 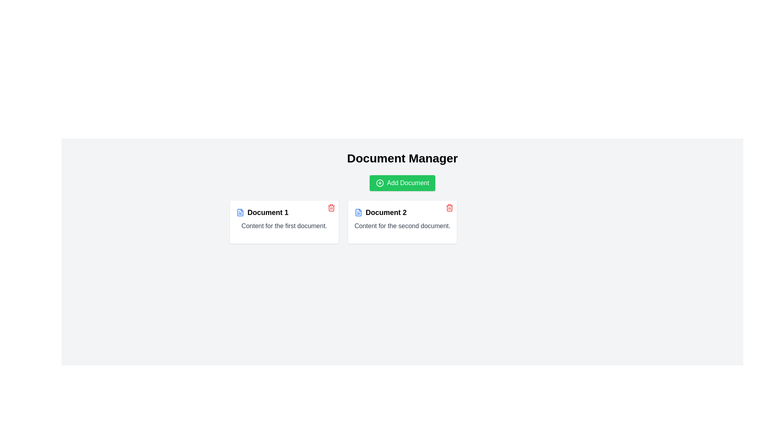 I want to click on the delete button in the upper-right corner of the 'Document 2' card, so click(x=450, y=207).